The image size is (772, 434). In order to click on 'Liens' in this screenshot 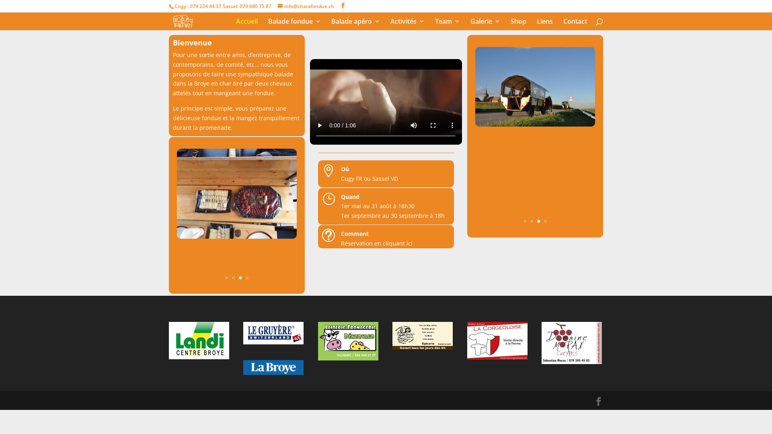, I will do `click(544, 24)`.